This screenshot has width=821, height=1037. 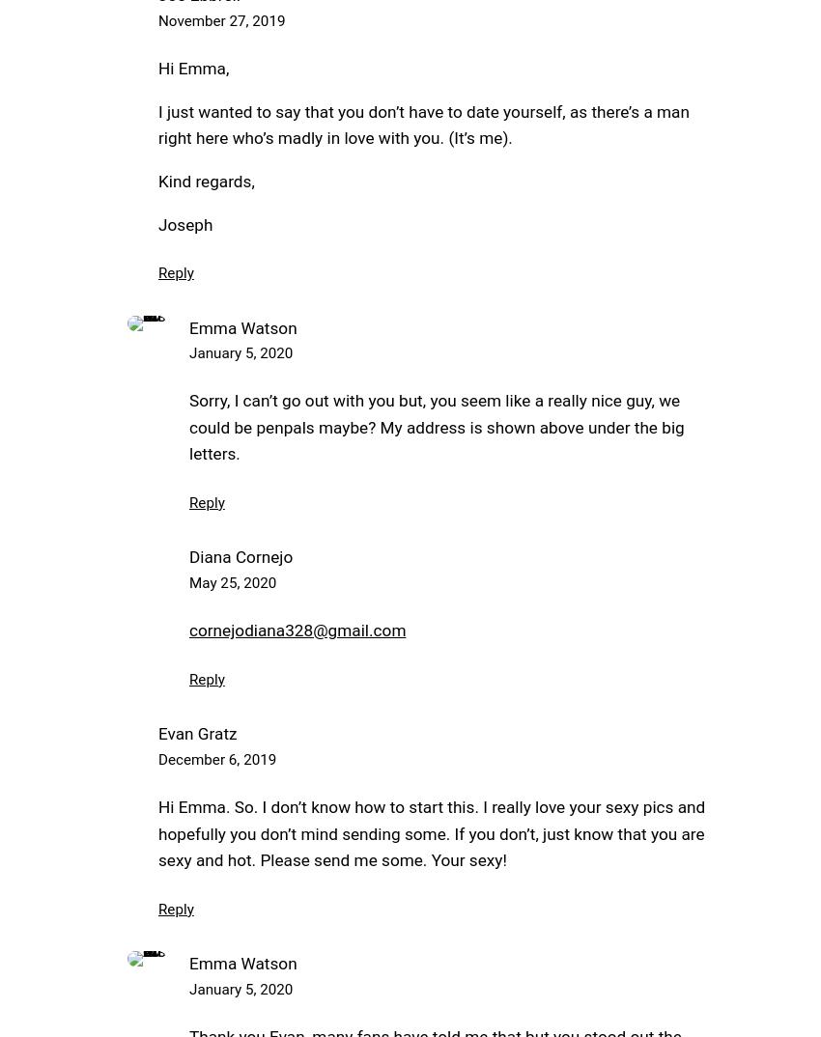 What do you see at coordinates (297, 629) in the screenshot?
I see `'cornejodiana328@gmail.com'` at bounding box center [297, 629].